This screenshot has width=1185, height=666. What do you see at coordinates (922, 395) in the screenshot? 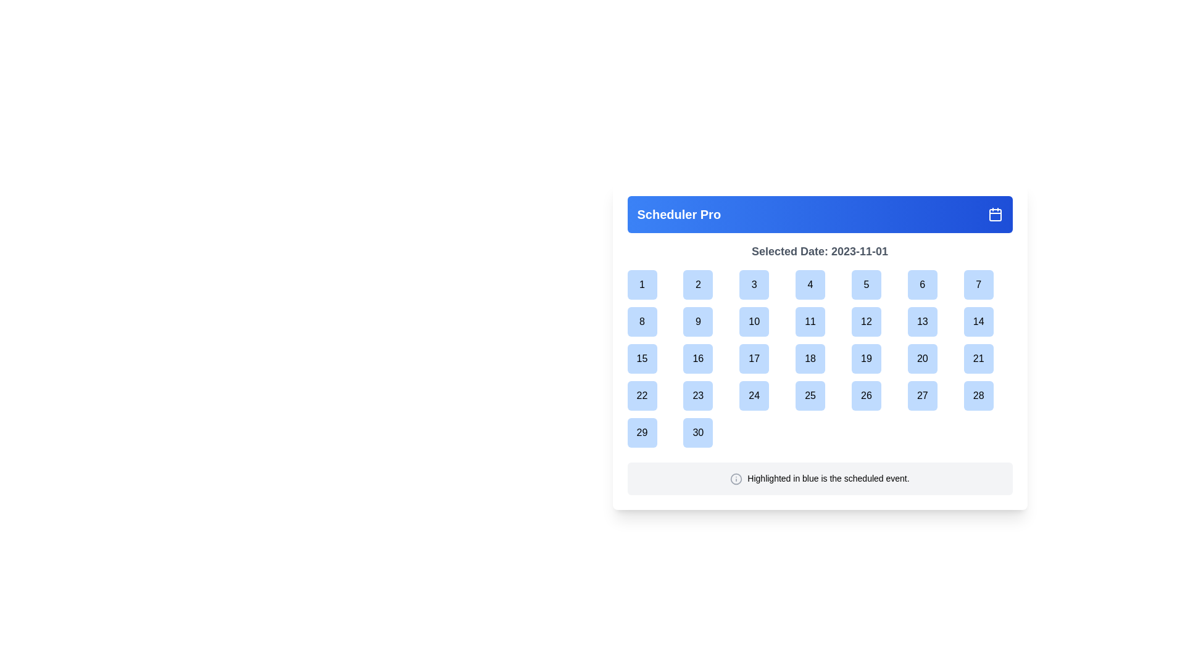
I see `the selectable date button in the calendar view located at the bottom-right part of the calendar interface, specifically the seventh element in the bottom row, between '26' and '28'` at bounding box center [922, 395].